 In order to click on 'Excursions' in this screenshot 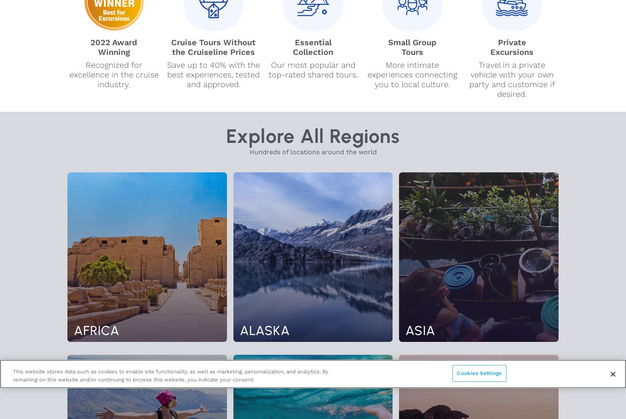, I will do `click(511, 51)`.